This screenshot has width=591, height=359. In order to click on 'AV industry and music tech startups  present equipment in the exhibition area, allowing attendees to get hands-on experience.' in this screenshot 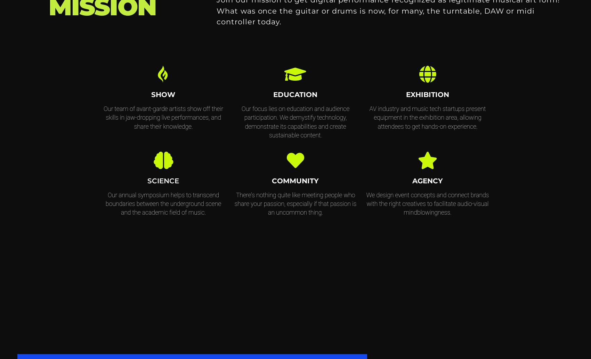, I will do `click(427, 117)`.